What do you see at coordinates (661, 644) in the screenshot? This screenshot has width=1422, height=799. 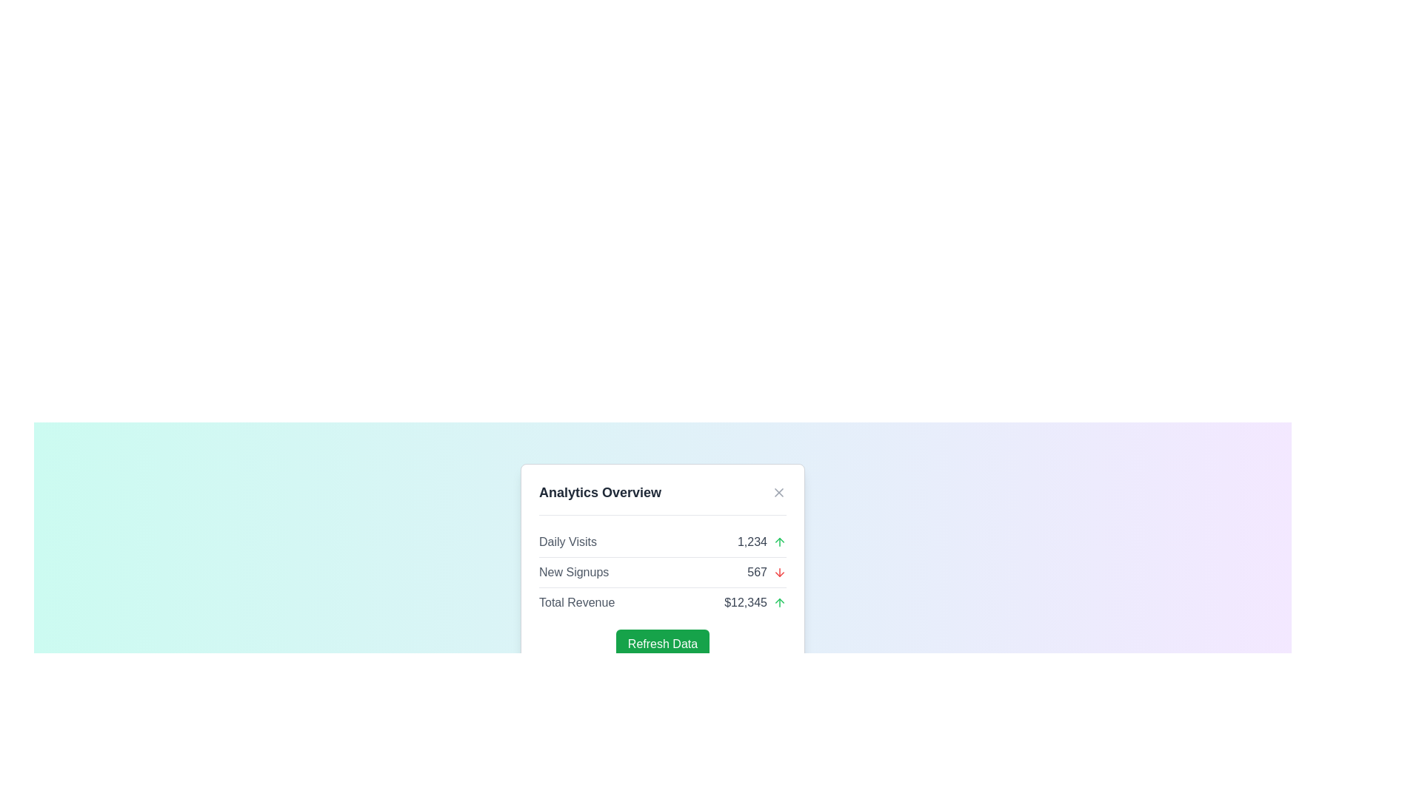 I see `the refresh button located at the bottom center of the 'Analytics Overview' card` at bounding box center [661, 644].